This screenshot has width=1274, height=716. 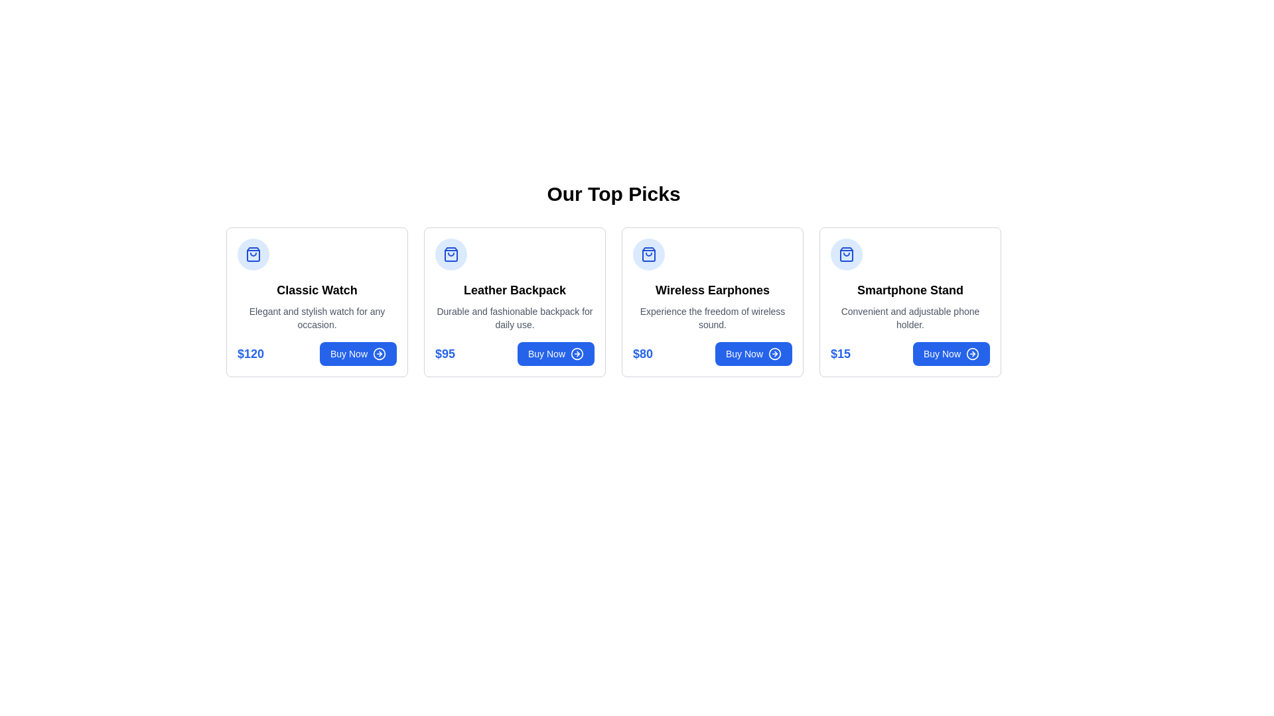 What do you see at coordinates (514, 318) in the screenshot?
I see `text description element that provides a summary of the product, positioned below the title 'Leather Backpack' and above the price section '$95'` at bounding box center [514, 318].